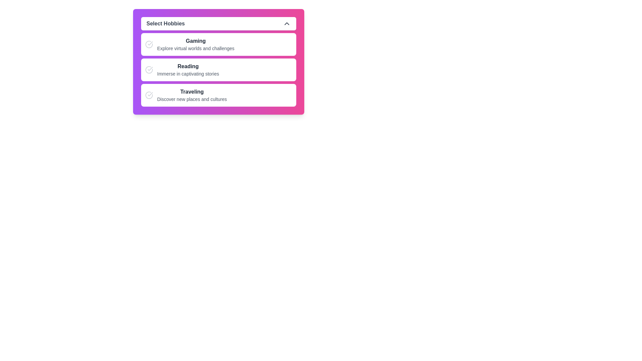  What do you see at coordinates (218, 23) in the screenshot?
I see `'Select Hobbies' dropdown header button using developer tools by clicking on it` at bounding box center [218, 23].